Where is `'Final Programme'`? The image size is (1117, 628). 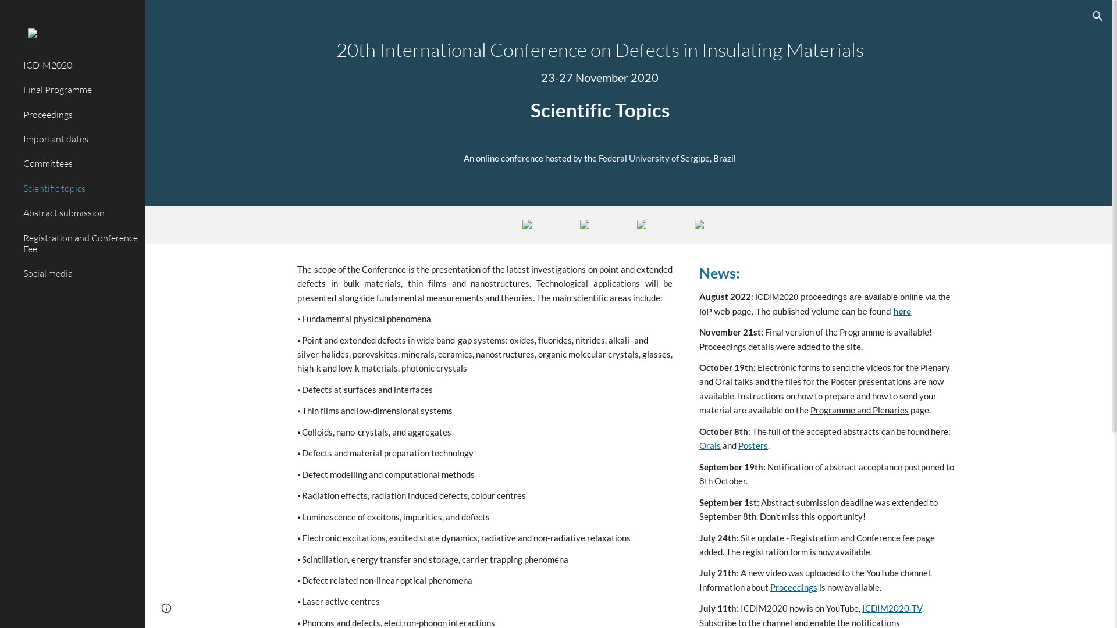 'Final Programme' is located at coordinates (79, 89).